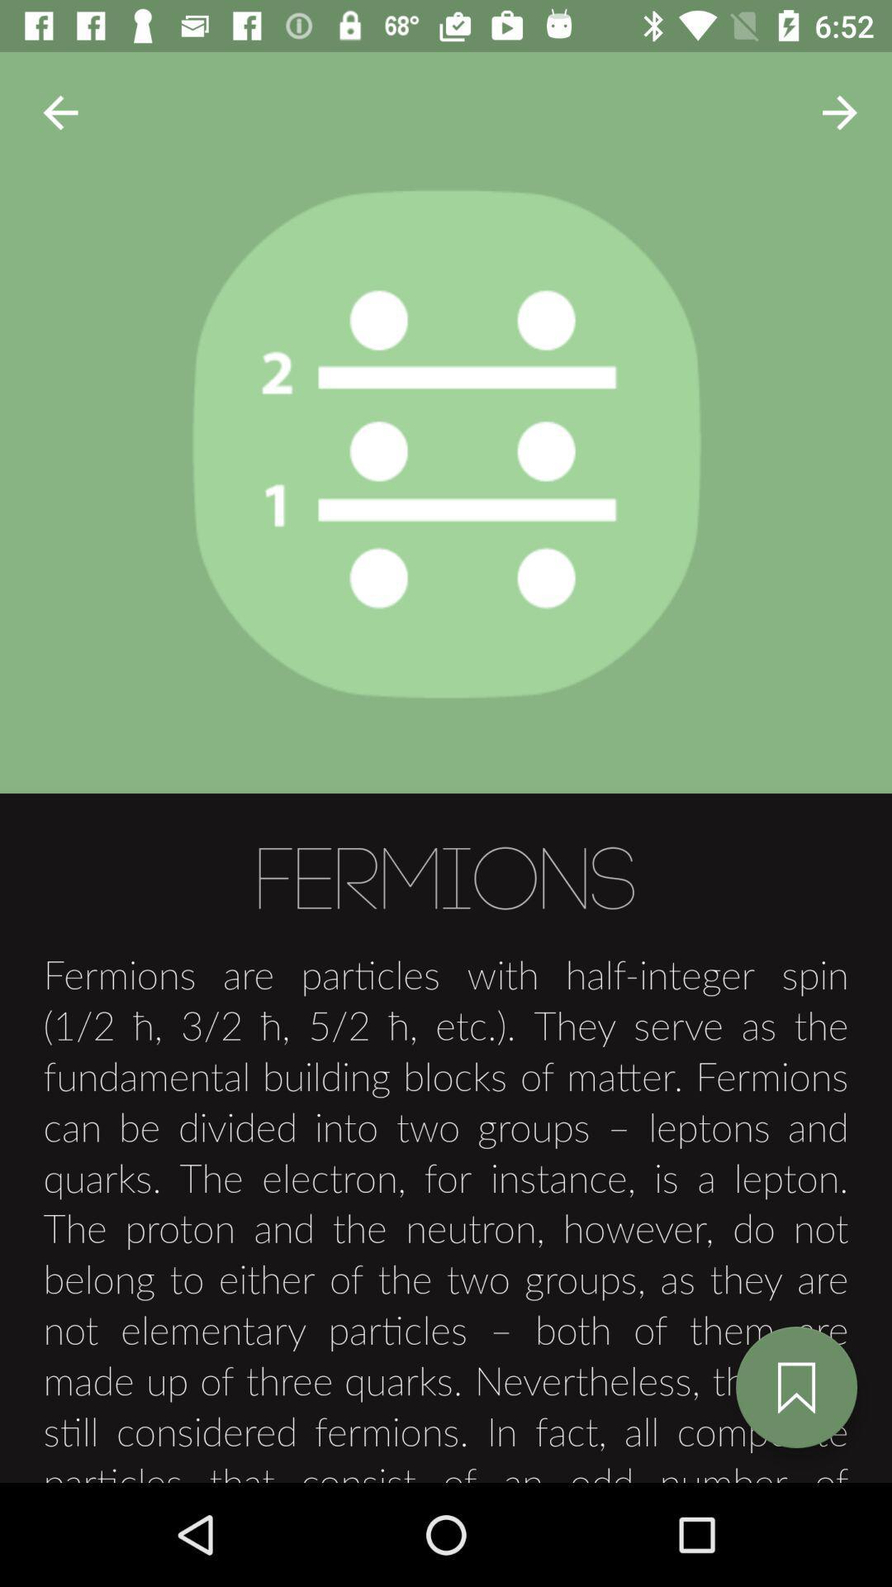  What do you see at coordinates (795, 1387) in the screenshot?
I see `the bookmark icon` at bounding box center [795, 1387].